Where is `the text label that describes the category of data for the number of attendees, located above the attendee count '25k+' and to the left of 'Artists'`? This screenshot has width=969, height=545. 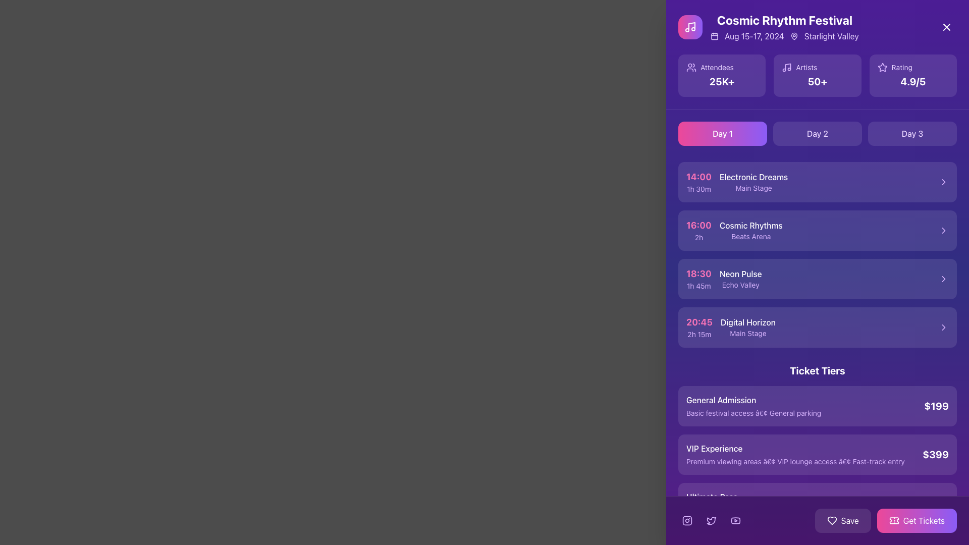
the text label that describes the category of data for the number of attendees, located above the attendee count '25k+' and to the left of 'Artists' is located at coordinates (716, 68).